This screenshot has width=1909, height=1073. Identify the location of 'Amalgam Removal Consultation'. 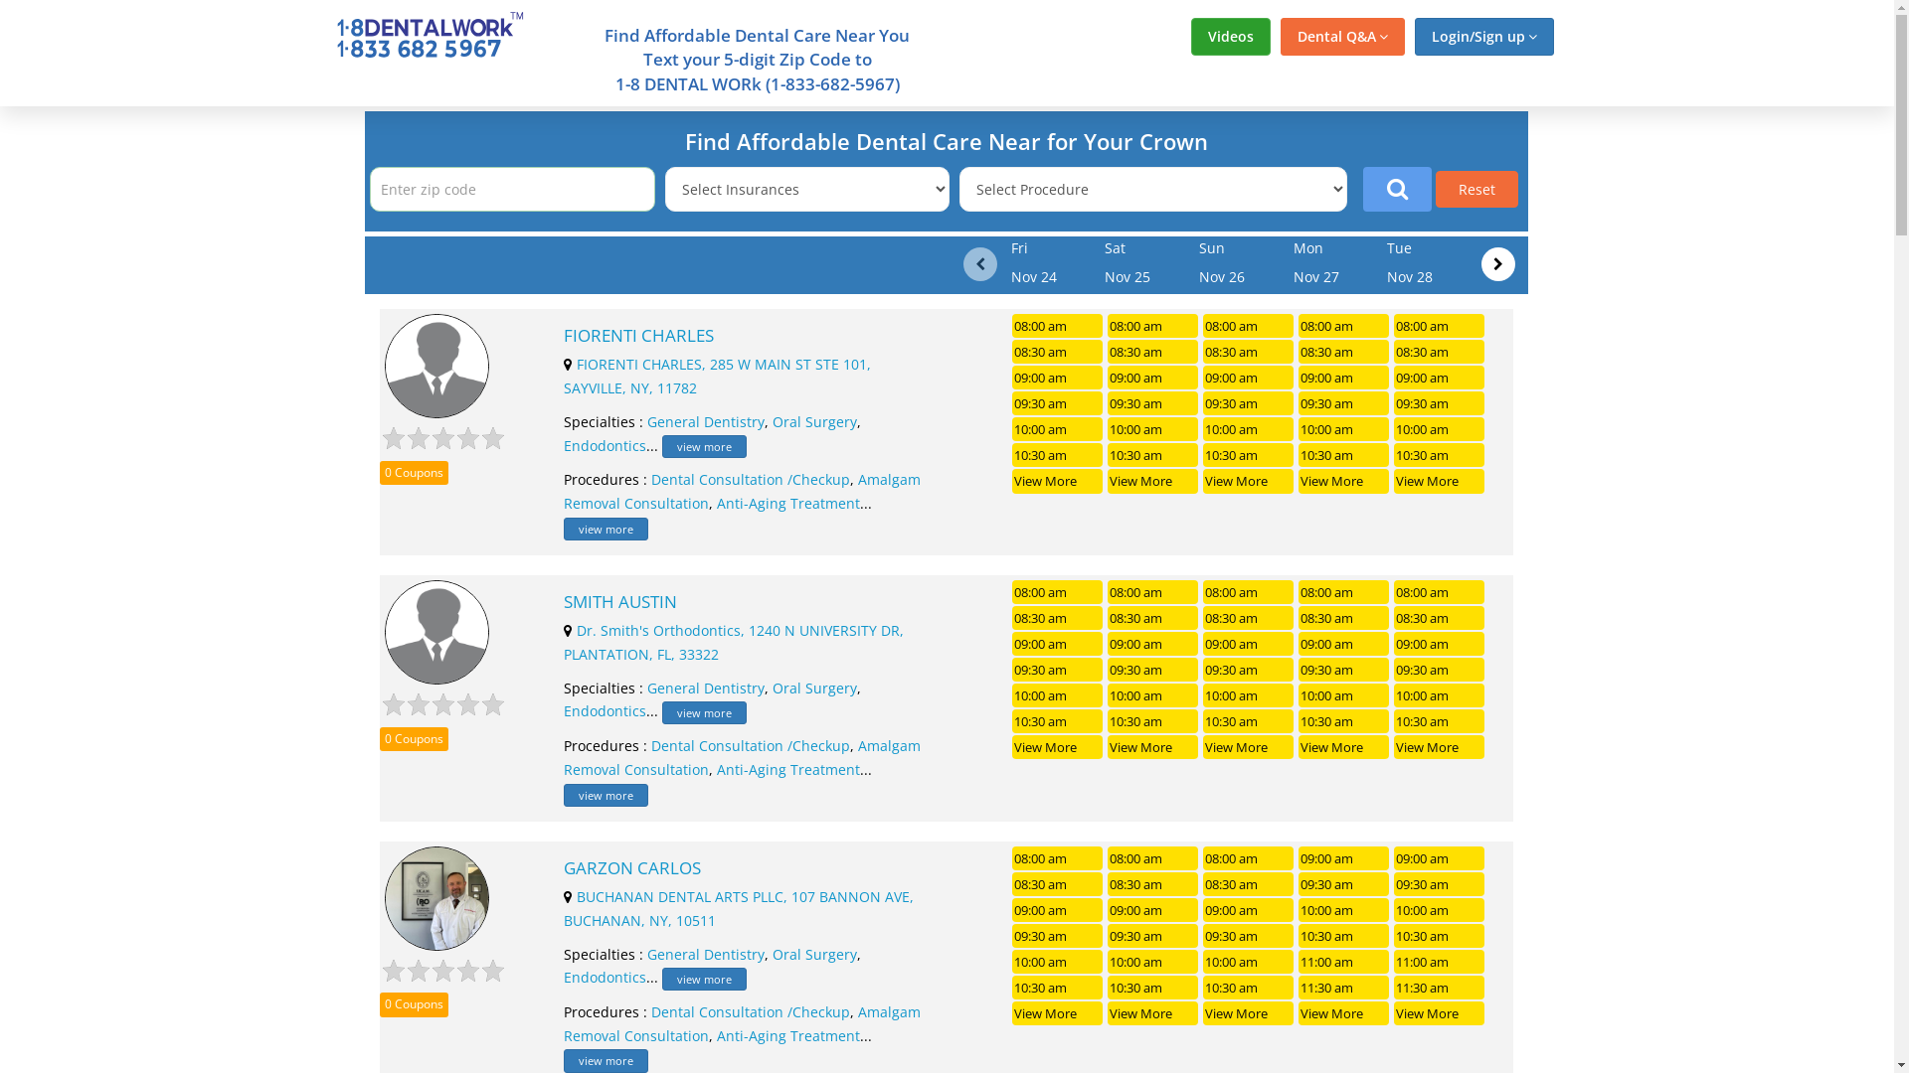
(741, 491).